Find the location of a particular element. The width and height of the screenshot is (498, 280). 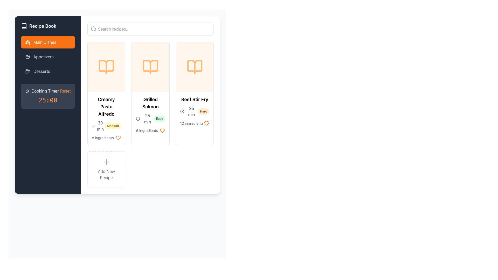

the prominent icon representing the recipe type for 'Creamy Pasta Alfredo', located at the top center of the first recipe card in the grid is located at coordinates (106, 67).